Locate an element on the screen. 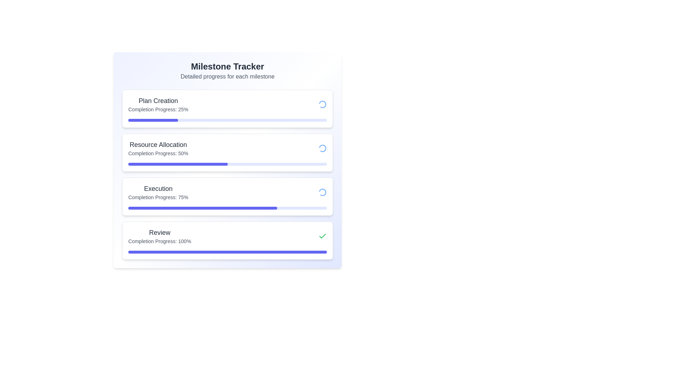 The height and width of the screenshot is (389, 692). progress information from the topmost card in the Milestone Tracker section, which shows 'Completion Progress: 25%' is located at coordinates (227, 108).